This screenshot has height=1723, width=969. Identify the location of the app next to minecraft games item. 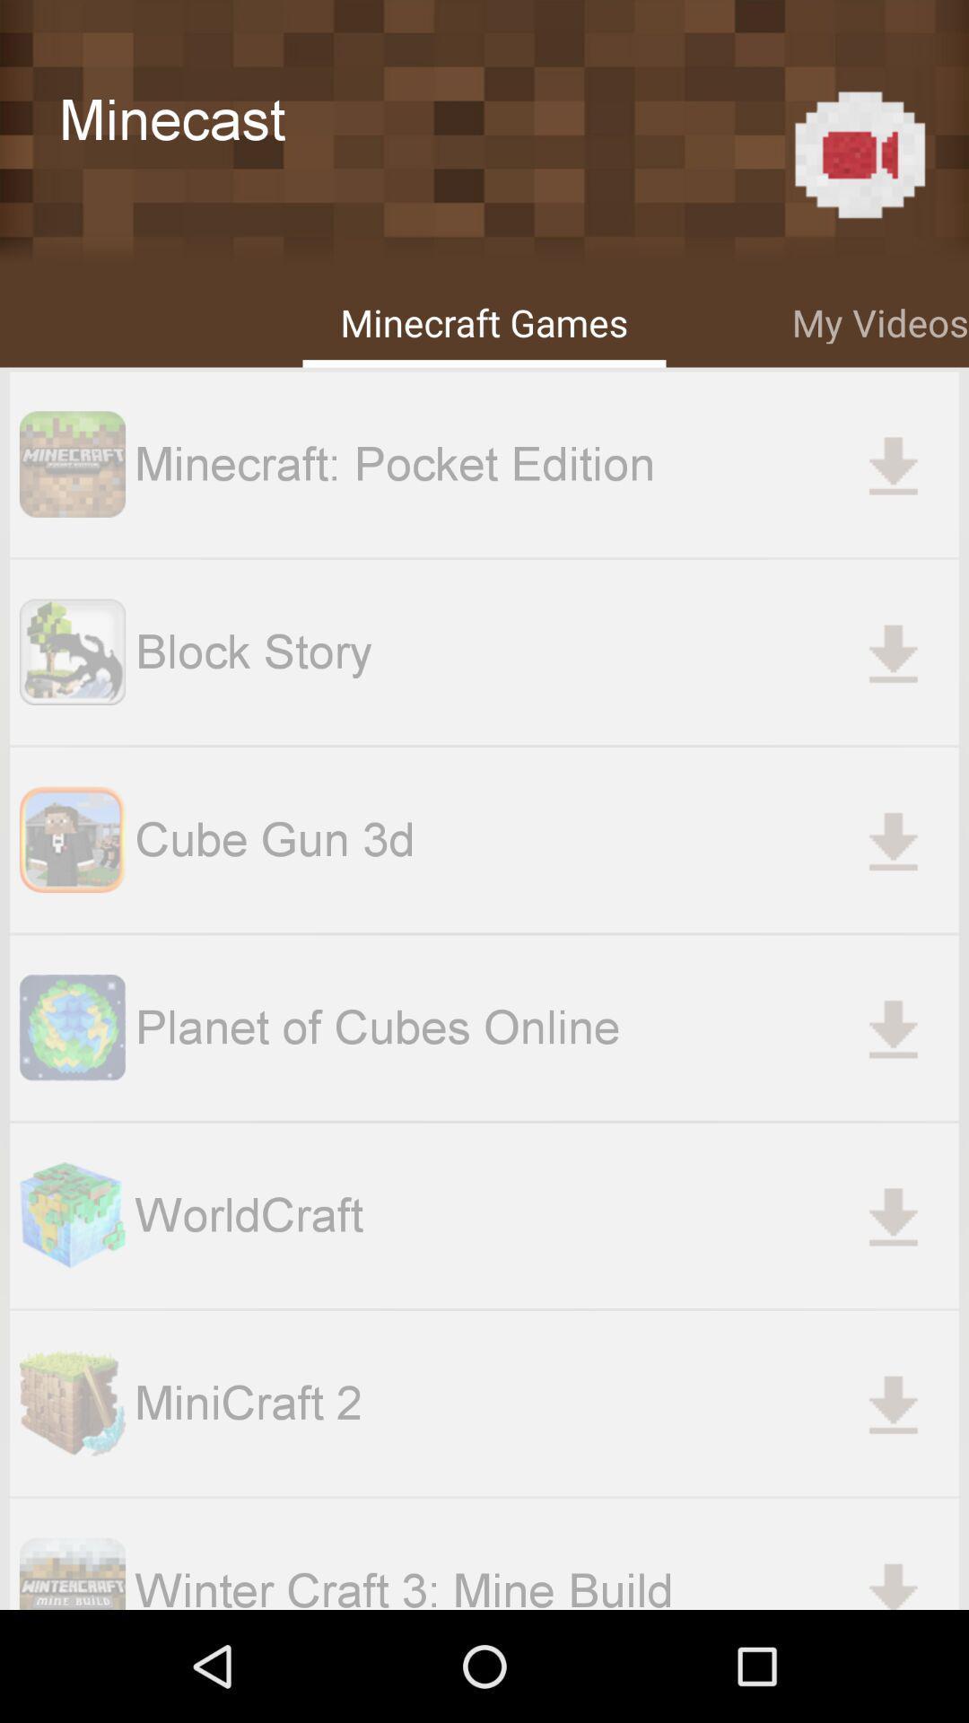
(879, 319).